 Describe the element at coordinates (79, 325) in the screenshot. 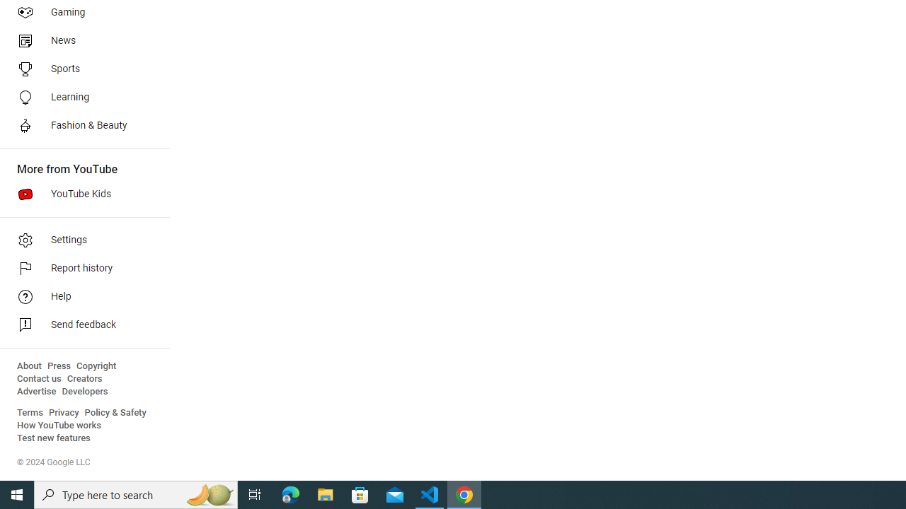

I see `'Send feedback'` at that location.